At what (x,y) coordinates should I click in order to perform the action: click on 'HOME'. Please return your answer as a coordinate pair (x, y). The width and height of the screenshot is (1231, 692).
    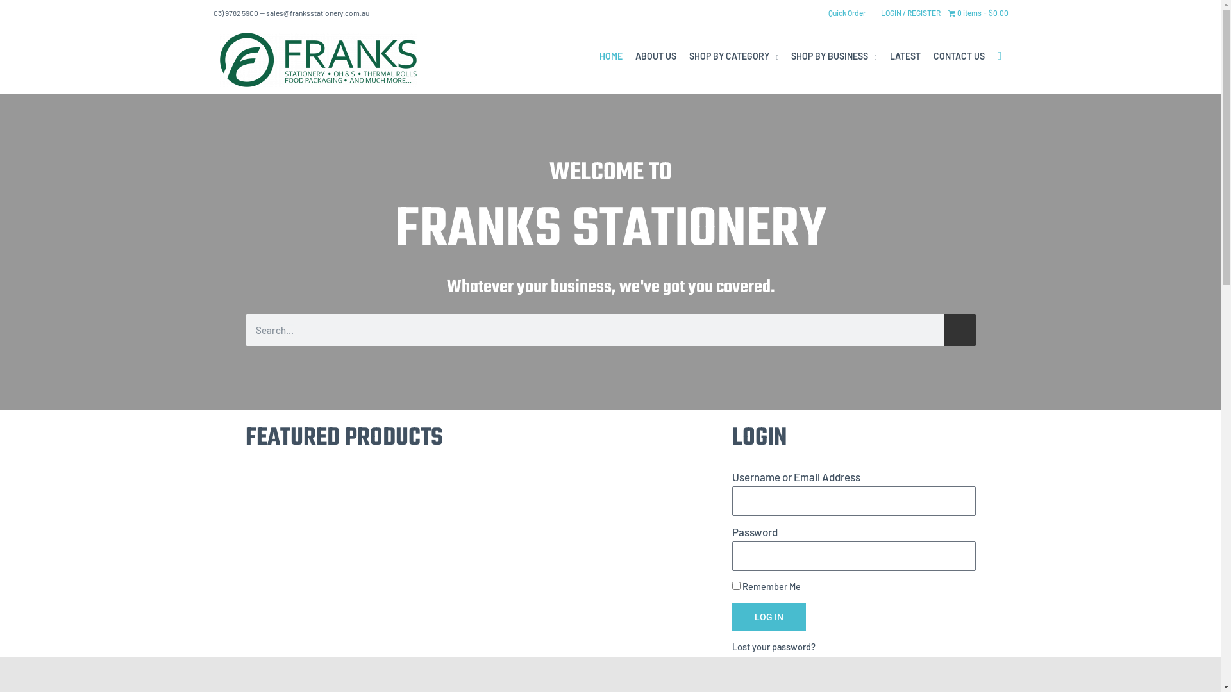
    Looking at the image, I should click on (610, 56).